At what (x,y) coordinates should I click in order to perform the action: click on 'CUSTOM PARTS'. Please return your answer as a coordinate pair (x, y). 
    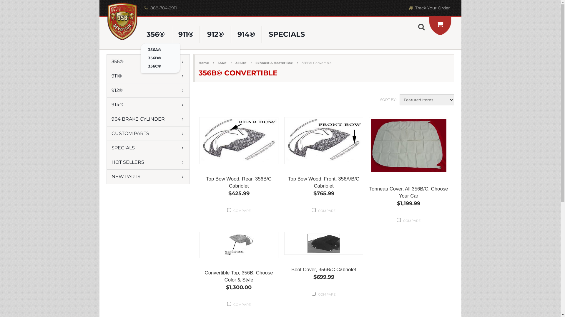
    Looking at the image, I should click on (148, 134).